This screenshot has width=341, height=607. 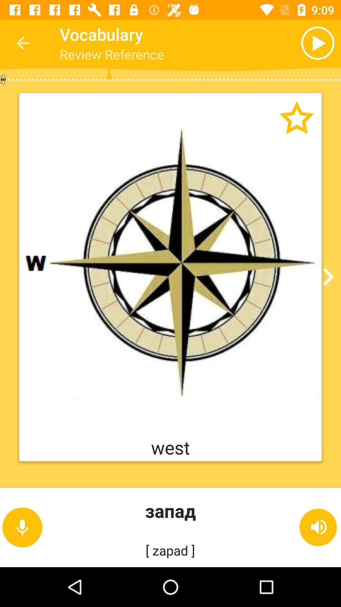 What do you see at coordinates (319, 527) in the screenshot?
I see `the volume icon` at bounding box center [319, 527].